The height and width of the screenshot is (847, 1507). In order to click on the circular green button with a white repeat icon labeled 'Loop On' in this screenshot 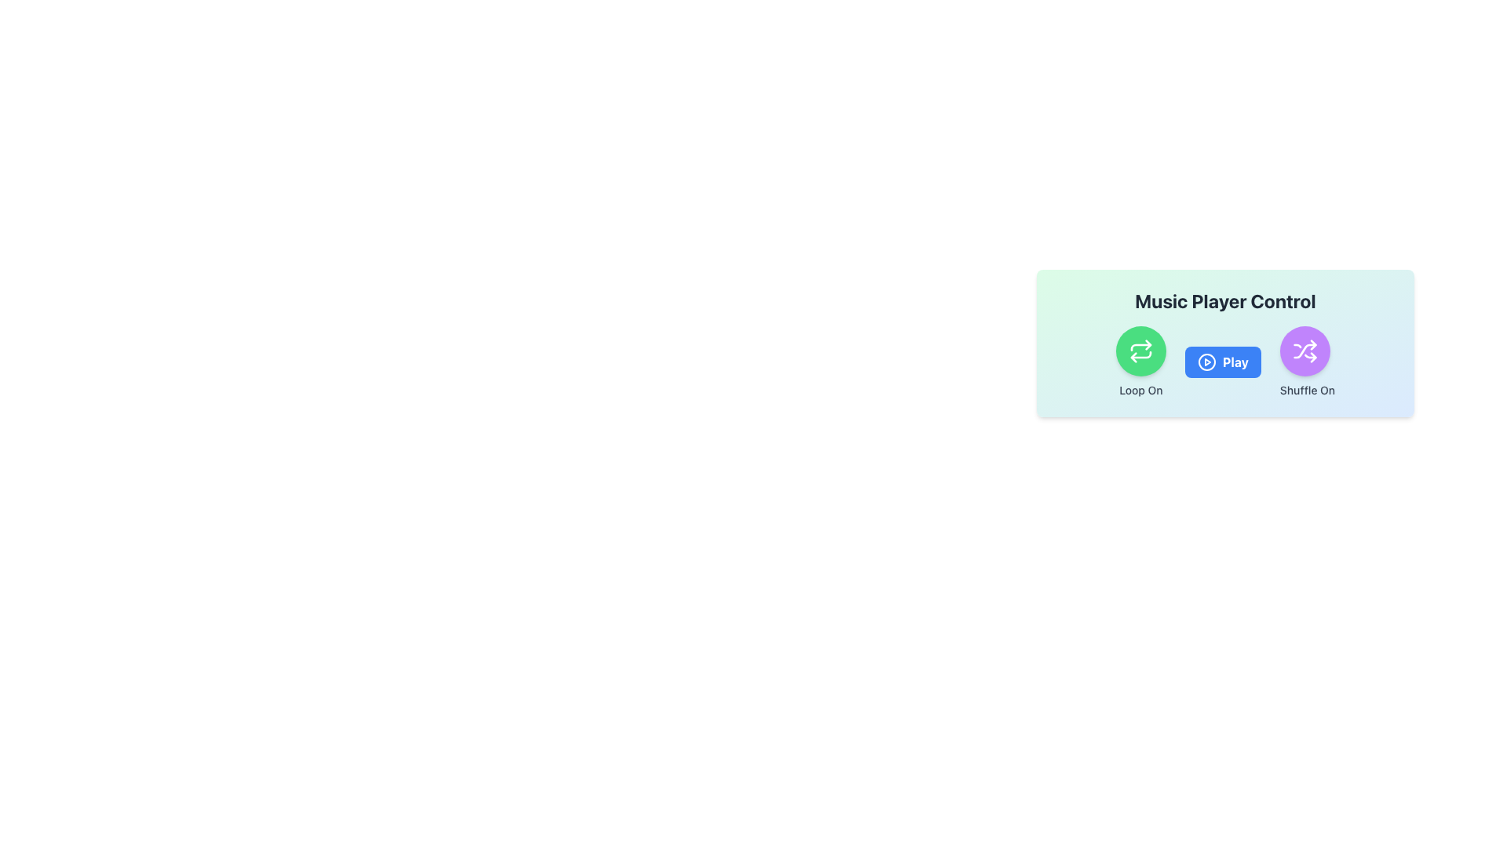, I will do `click(1140, 362)`.